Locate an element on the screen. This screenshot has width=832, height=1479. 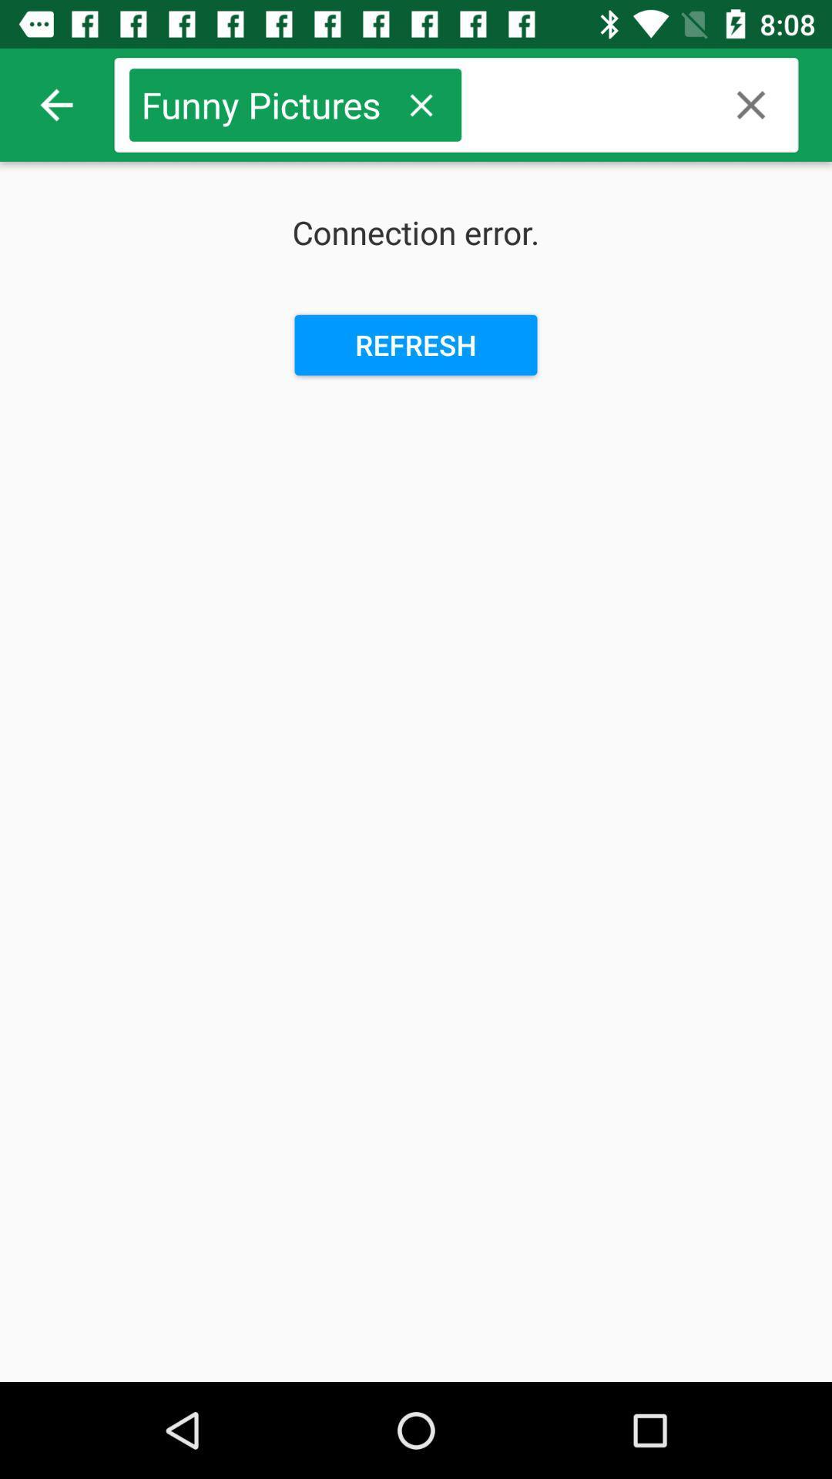
the icon to the left of the funny pictures is located at coordinates (55, 104).